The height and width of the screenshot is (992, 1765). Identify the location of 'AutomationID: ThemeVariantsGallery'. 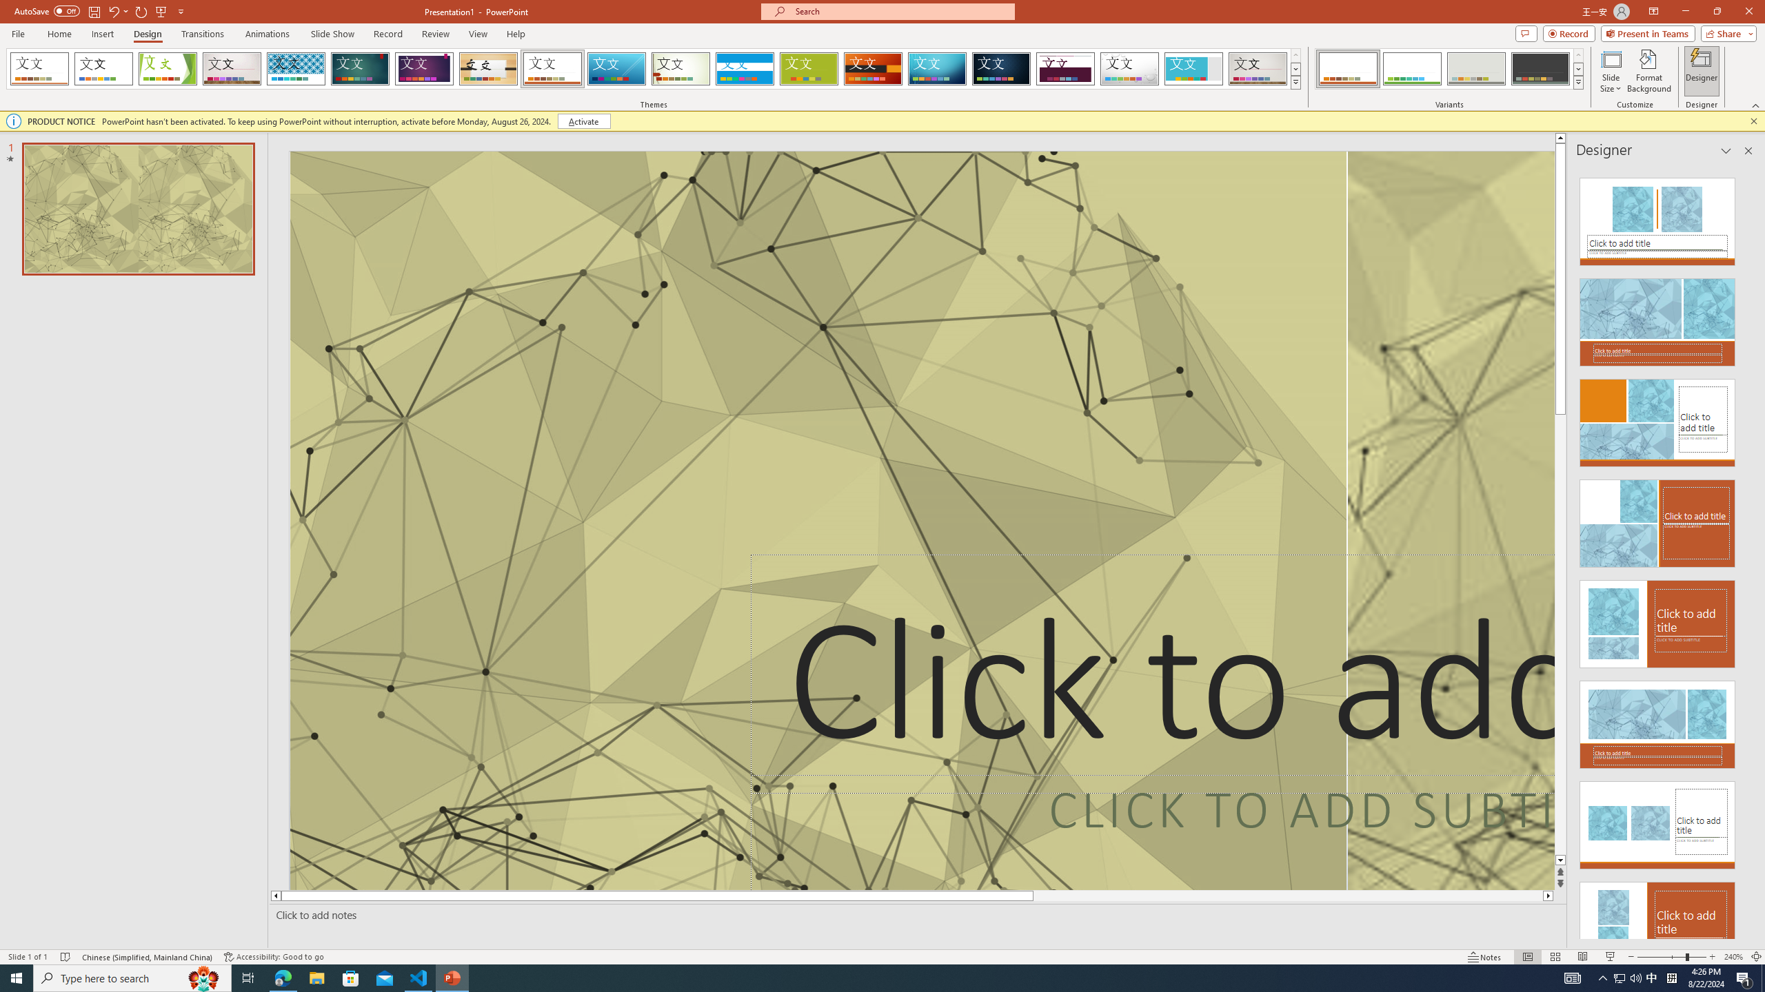
(1450, 68).